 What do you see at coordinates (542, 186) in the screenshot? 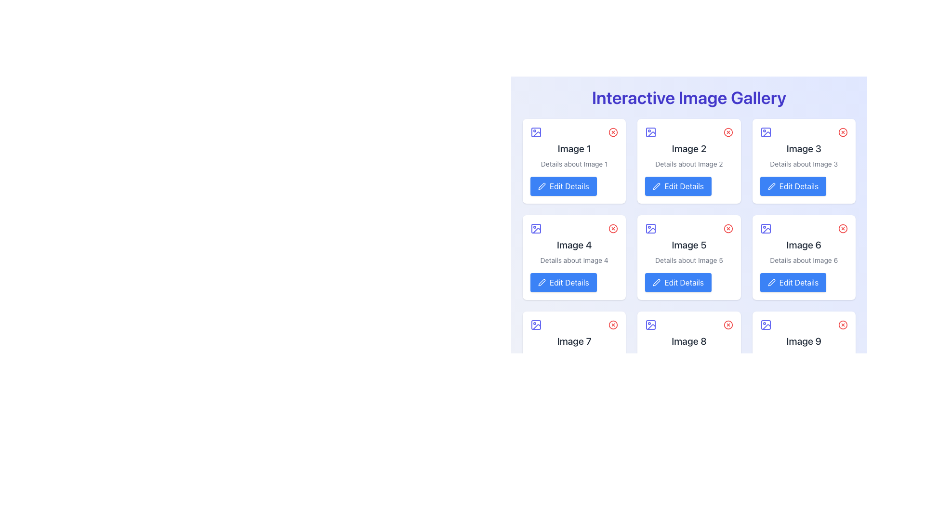
I see `the edit action icon located at the left side inside the 'Edit Details' button in the first column and first row of the grid layout` at bounding box center [542, 186].